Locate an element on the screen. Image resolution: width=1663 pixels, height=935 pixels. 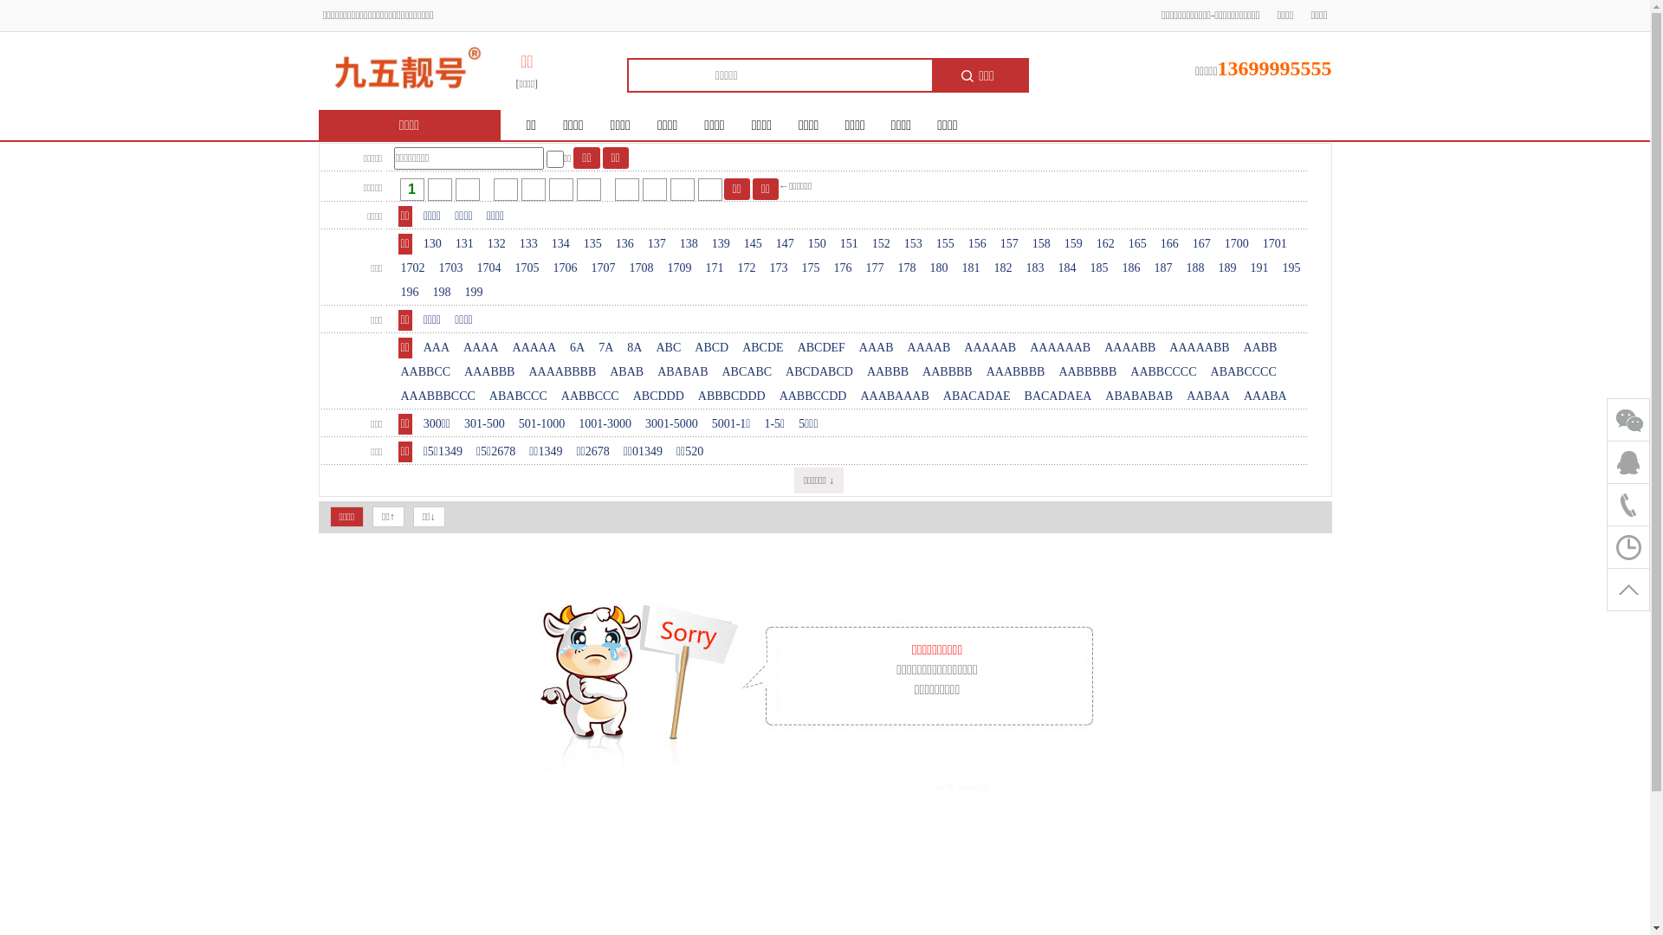
'182' is located at coordinates (1002, 268).